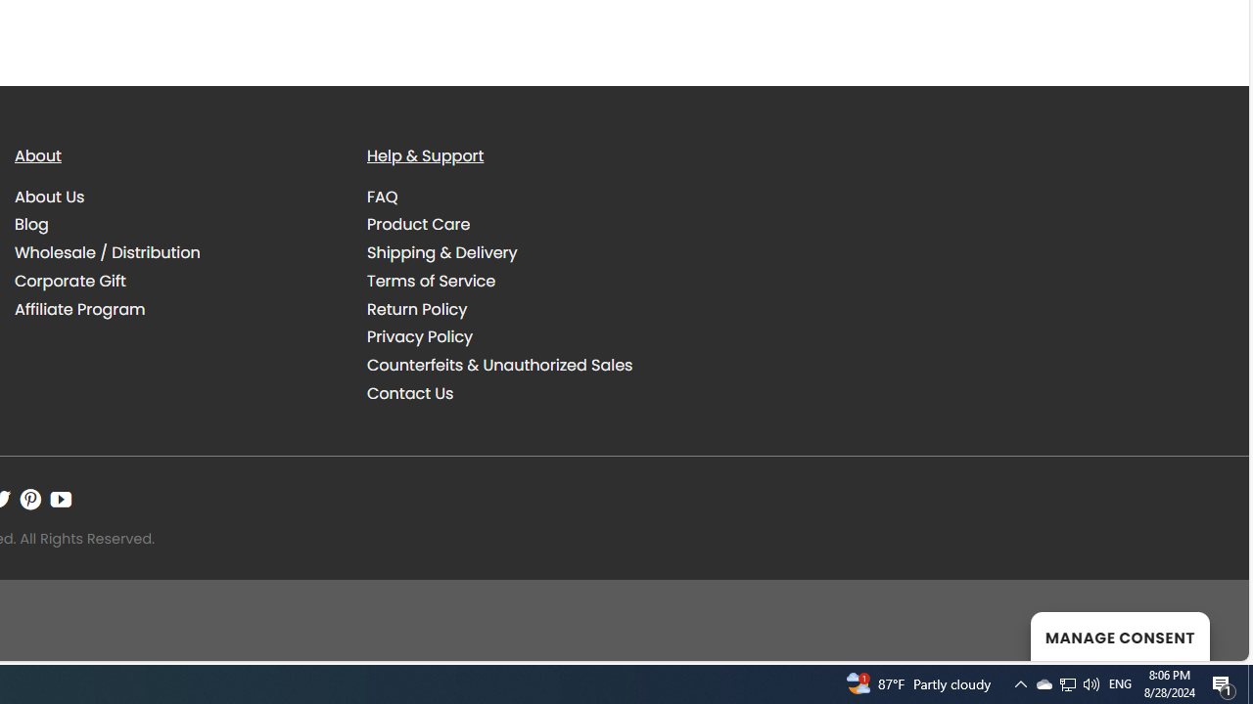 The image size is (1253, 704). What do you see at coordinates (61, 499) in the screenshot?
I see `'Follow on YouTube'` at bounding box center [61, 499].